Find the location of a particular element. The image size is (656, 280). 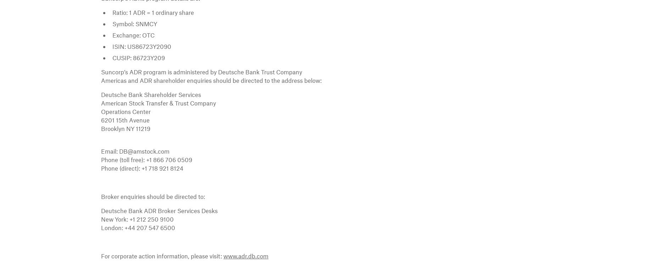

'Symbol: SNMCY' is located at coordinates (134, 23).